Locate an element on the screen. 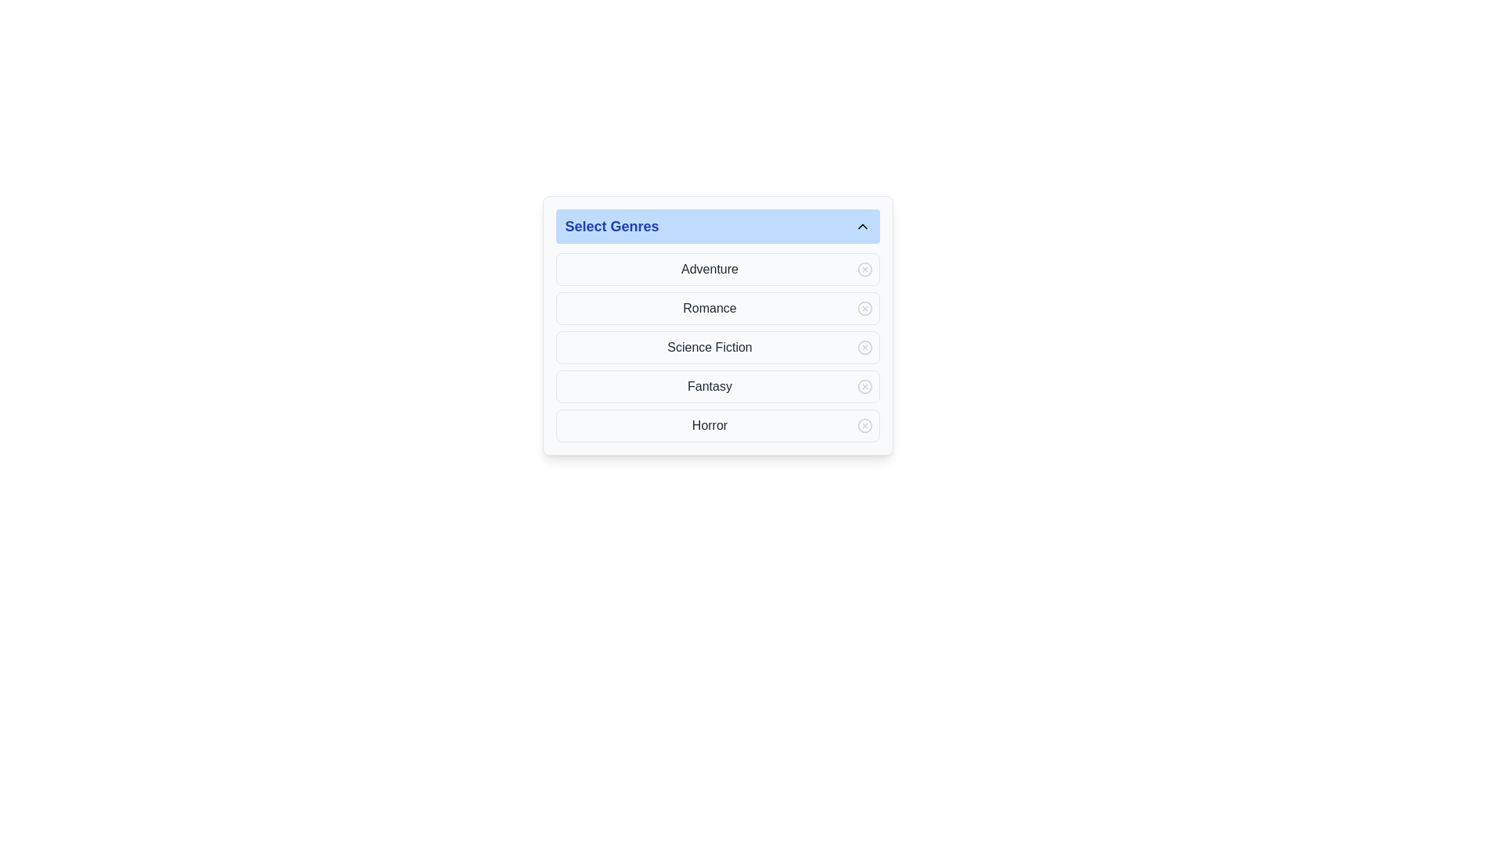  the circular icon button with a cross mark inside it, located to the far right of the 'Science Fiction' list item in the dropdown menu is located at coordinates (864, 346).